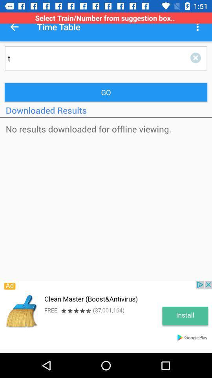 The width and height of the screenshot is (212, 378). What do you see at coordinates (106, 315) in the screenshot?
I see `advertiser banner` at bounding box center [106, 315].